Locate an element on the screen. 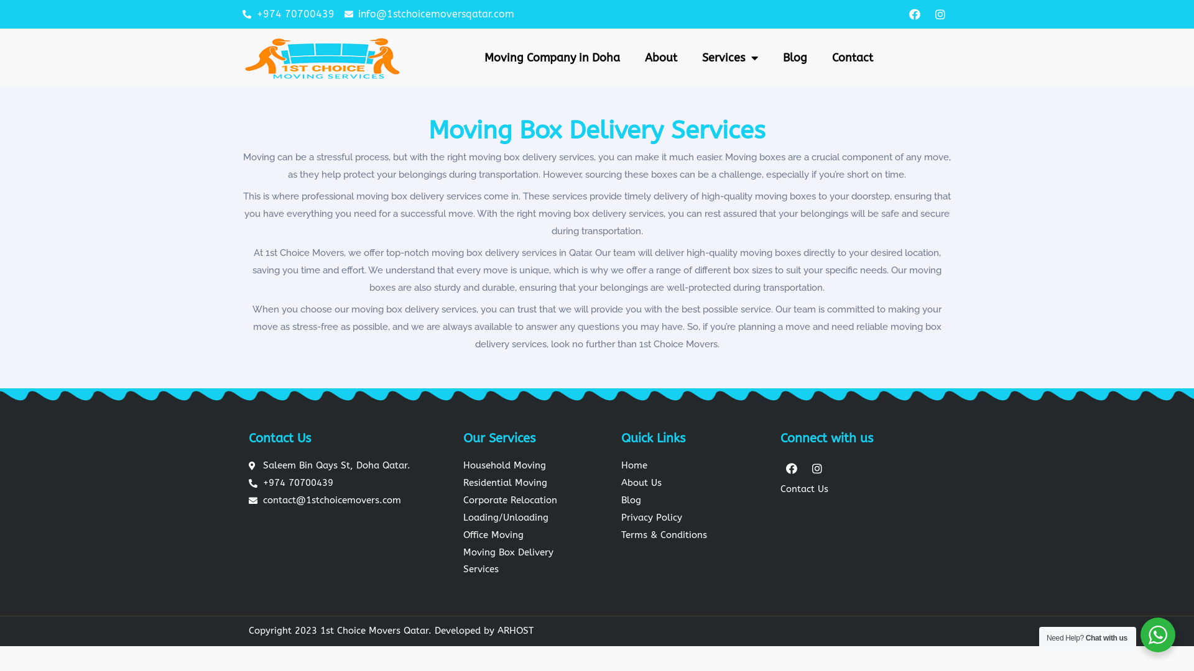 The width and height of the screenshot is (1194, 671). '+974 70700439' is located at coordinates (242, 14).